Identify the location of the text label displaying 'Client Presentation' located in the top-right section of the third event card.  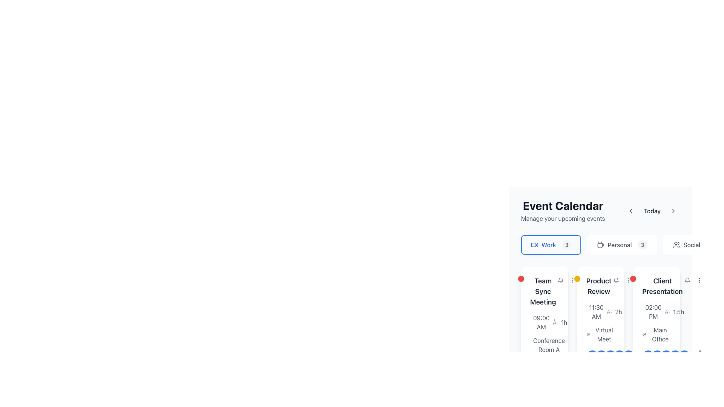
(656, 286).